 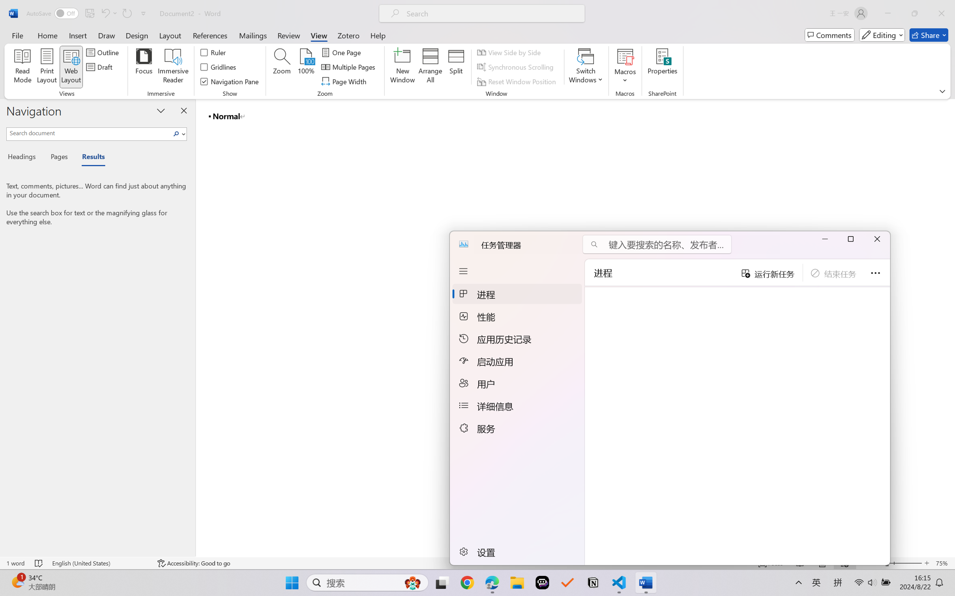 What do you see at coordinates (160, 111) in the screenshot?
I see `'Task Pane Options'` at bounding box center [160, 111].